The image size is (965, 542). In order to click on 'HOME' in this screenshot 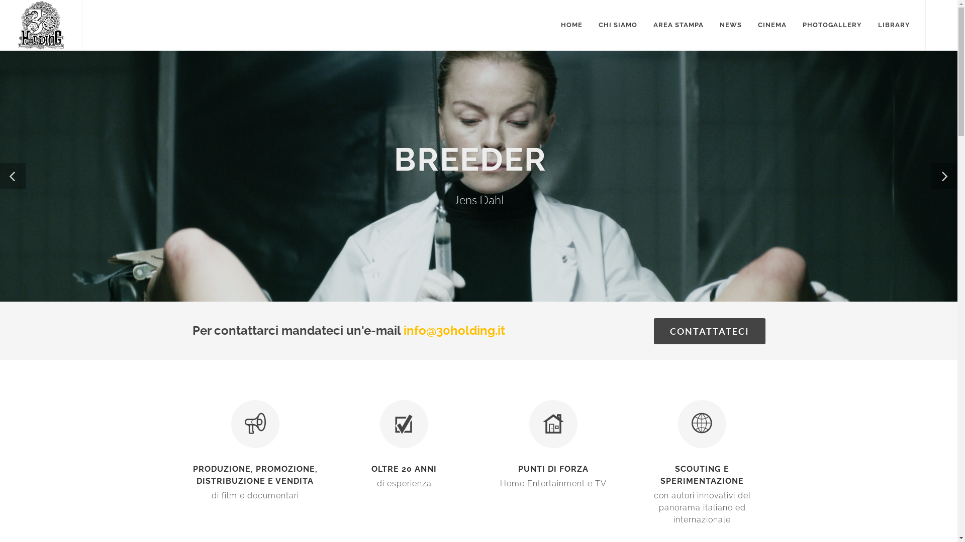, I will do `click(571, 25)`.